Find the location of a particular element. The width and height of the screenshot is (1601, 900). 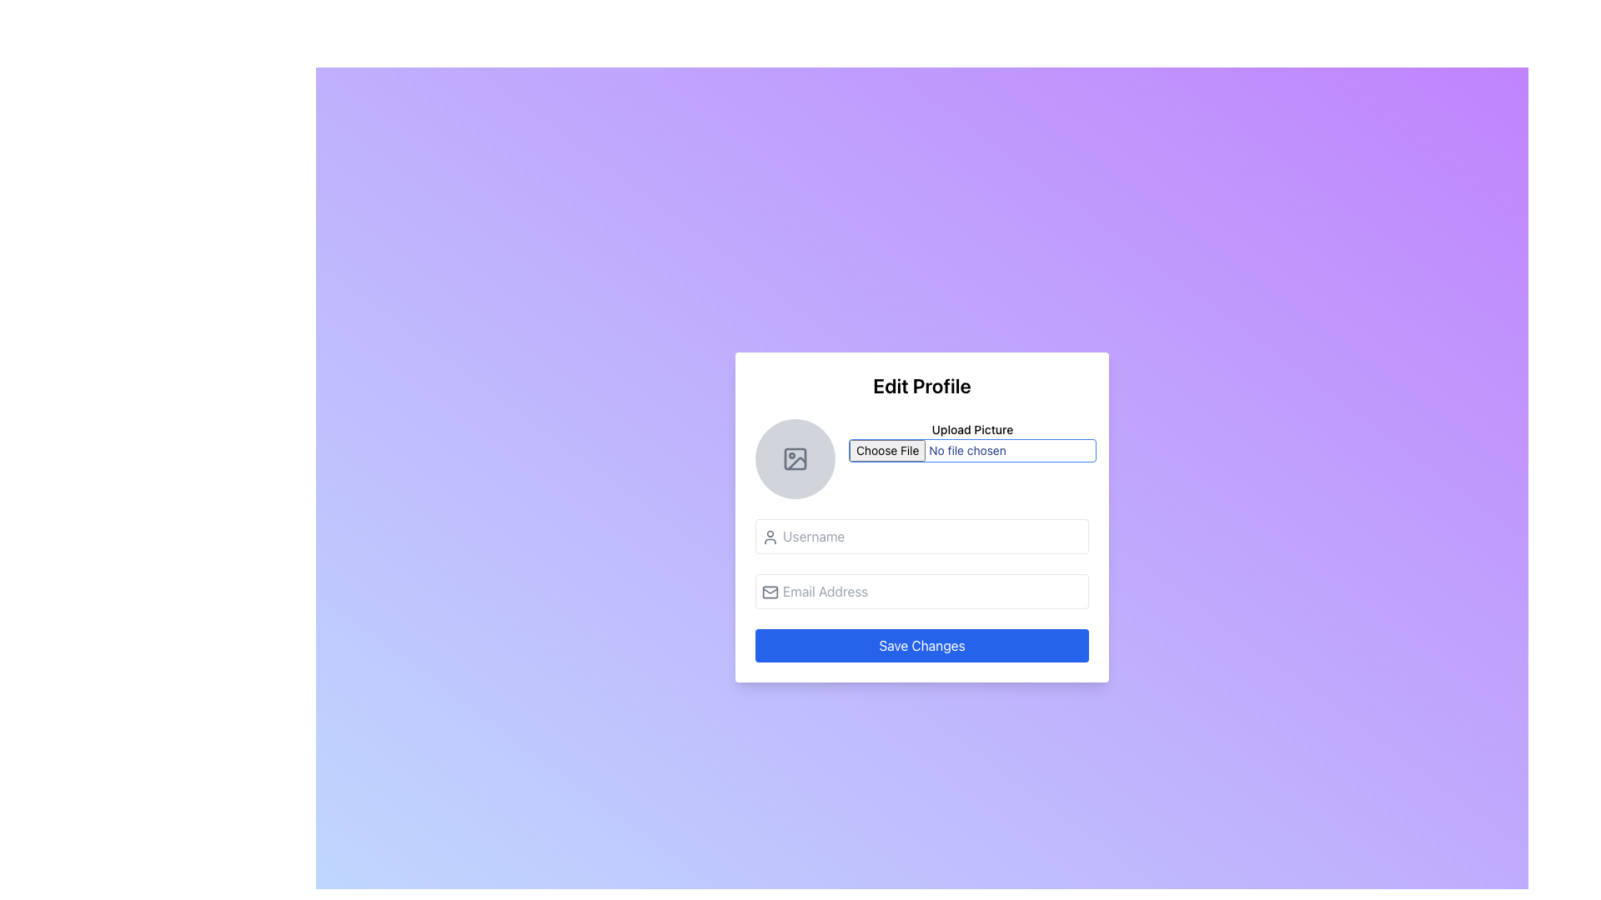

an image file into the Image Placeholder button, which is a circular button with a light gray background and an icon representing a photo frame located at the top-left corner of the form card is located at coordinates (795, 459).